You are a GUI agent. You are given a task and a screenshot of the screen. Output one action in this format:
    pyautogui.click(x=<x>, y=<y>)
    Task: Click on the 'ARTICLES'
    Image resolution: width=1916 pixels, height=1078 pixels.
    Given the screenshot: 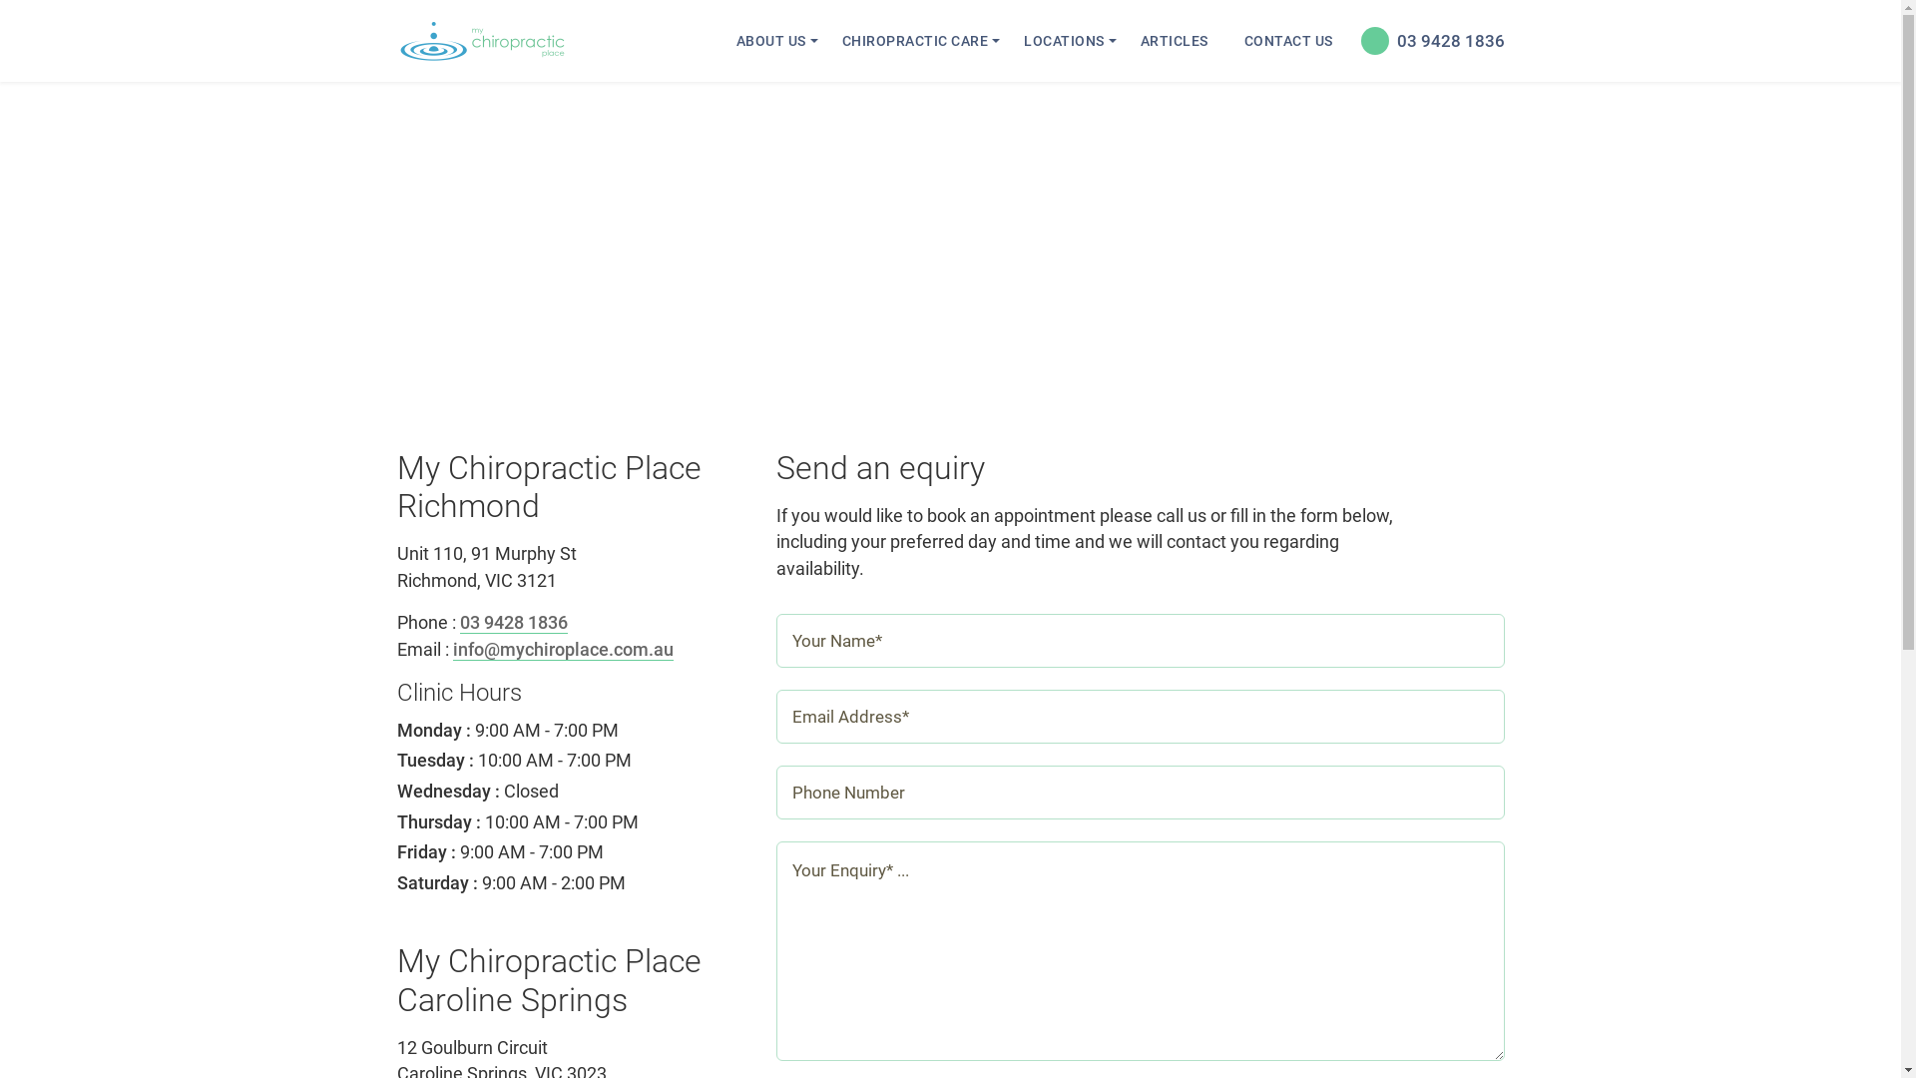 What is the action you would take?
    pyautogui.click(x=1127, y=41)
    